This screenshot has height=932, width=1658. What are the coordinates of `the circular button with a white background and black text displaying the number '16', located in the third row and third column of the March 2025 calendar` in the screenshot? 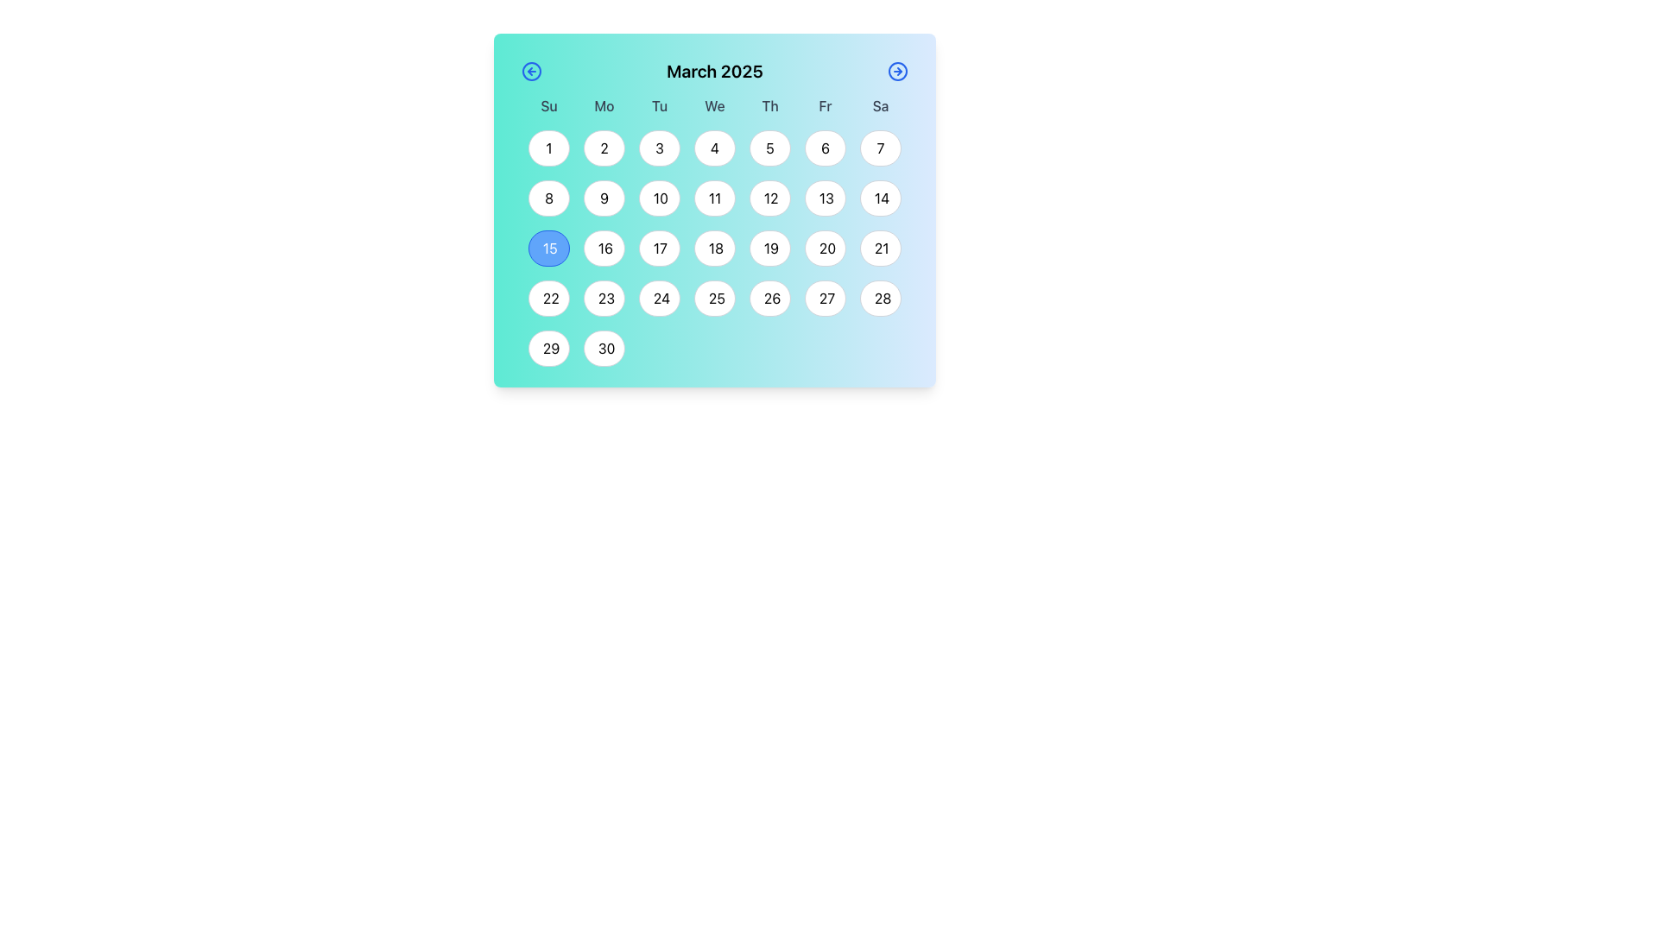 It's located at (604, 249).